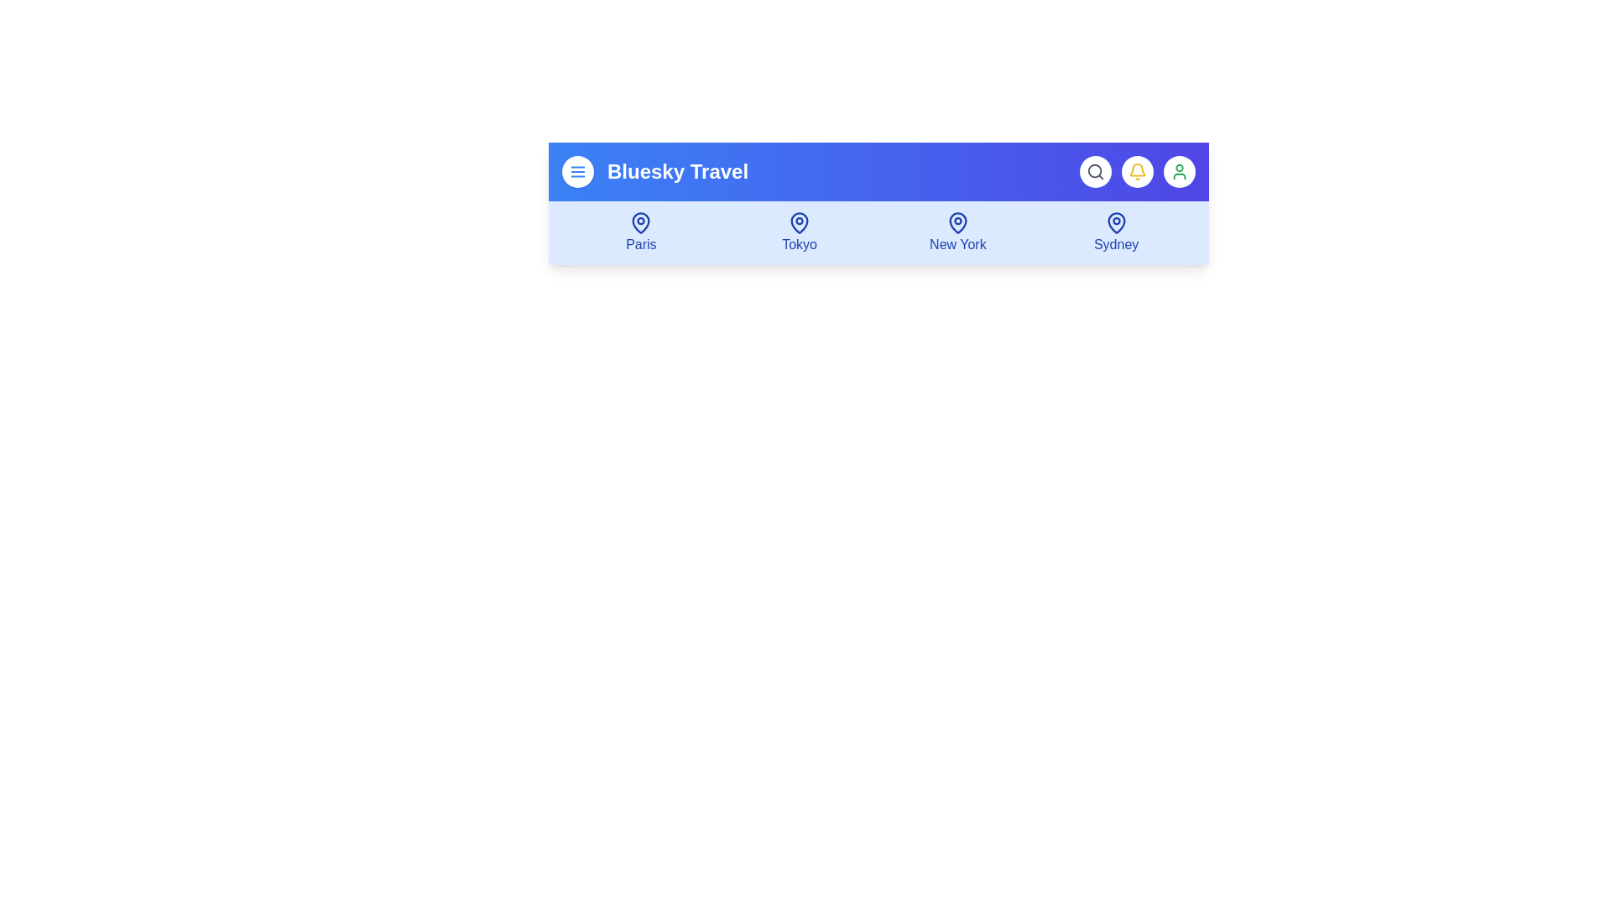  Describe the element at coordinates (578, 171) in the screenshot. I see `the menu toggle button to toggle the menu visibility` at that location.